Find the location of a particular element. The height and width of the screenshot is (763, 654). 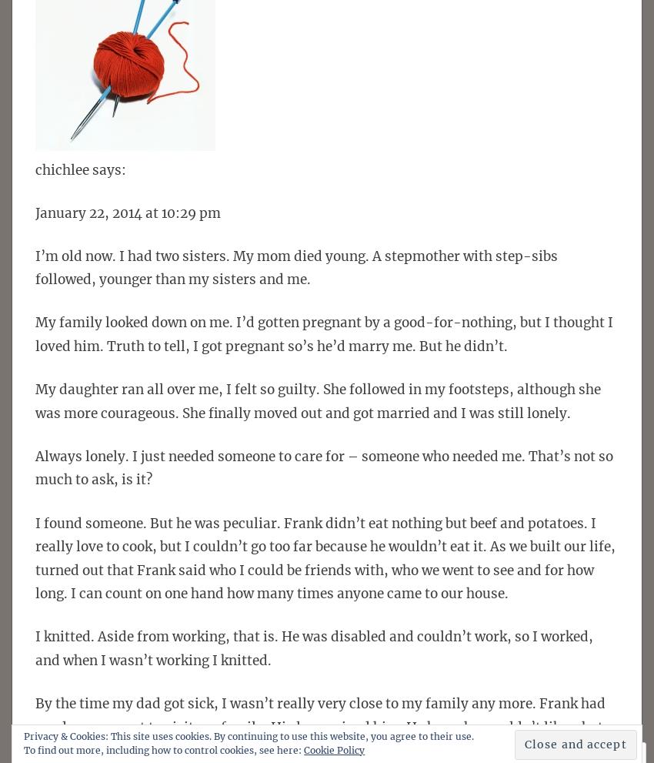

'I found someone. But he was peculiar. Frank didn’t eat nothing but beef and potatoes. I really love to cook, but I couldn’t go too far because he wouldn’t eat it. As we built our life, turned out that Frank said who I could be friends with, who we went to see and for how long. I can count on one hand how many times anyone came to our house.' is located at coordinates (325, 557).